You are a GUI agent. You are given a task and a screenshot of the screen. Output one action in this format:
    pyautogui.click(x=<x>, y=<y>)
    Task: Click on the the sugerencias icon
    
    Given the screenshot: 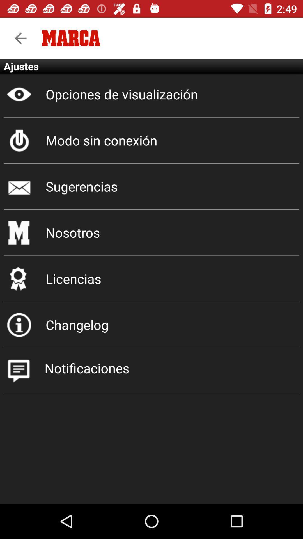 What is the action you would take?
    pyautogui.click(x=151, y=186)
    